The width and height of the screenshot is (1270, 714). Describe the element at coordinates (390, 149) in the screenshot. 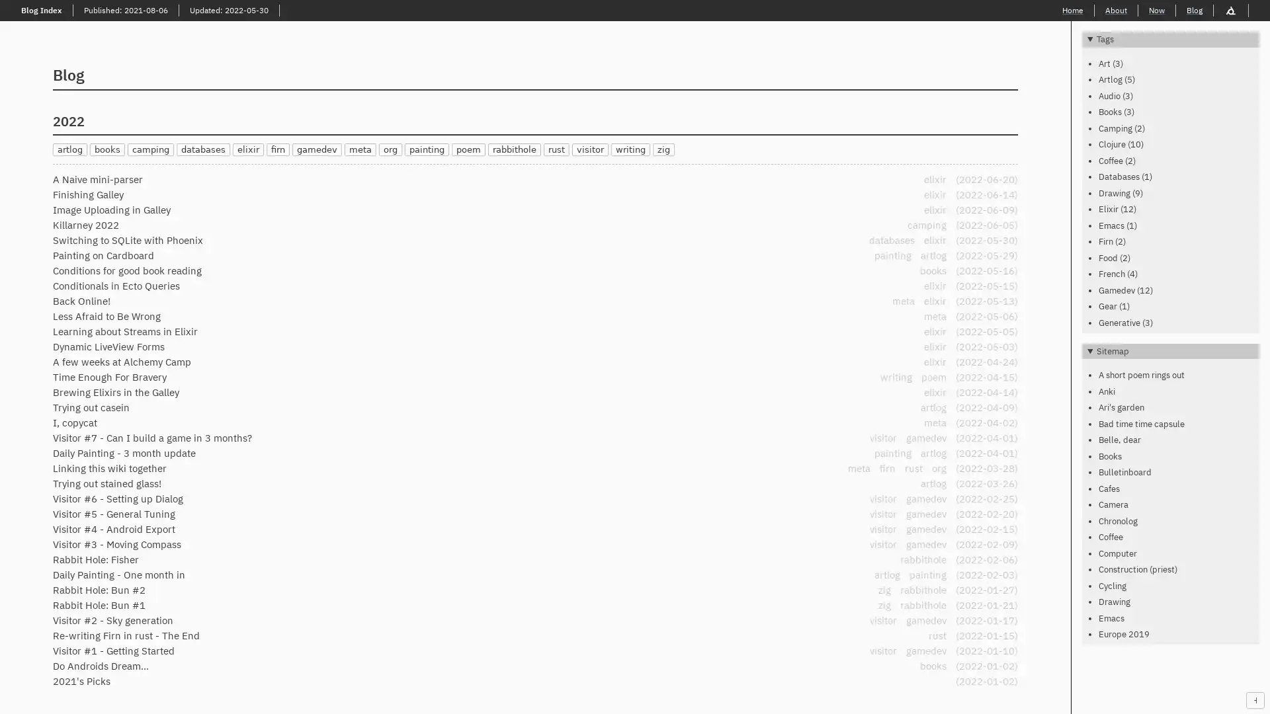

I see `org` at that location.